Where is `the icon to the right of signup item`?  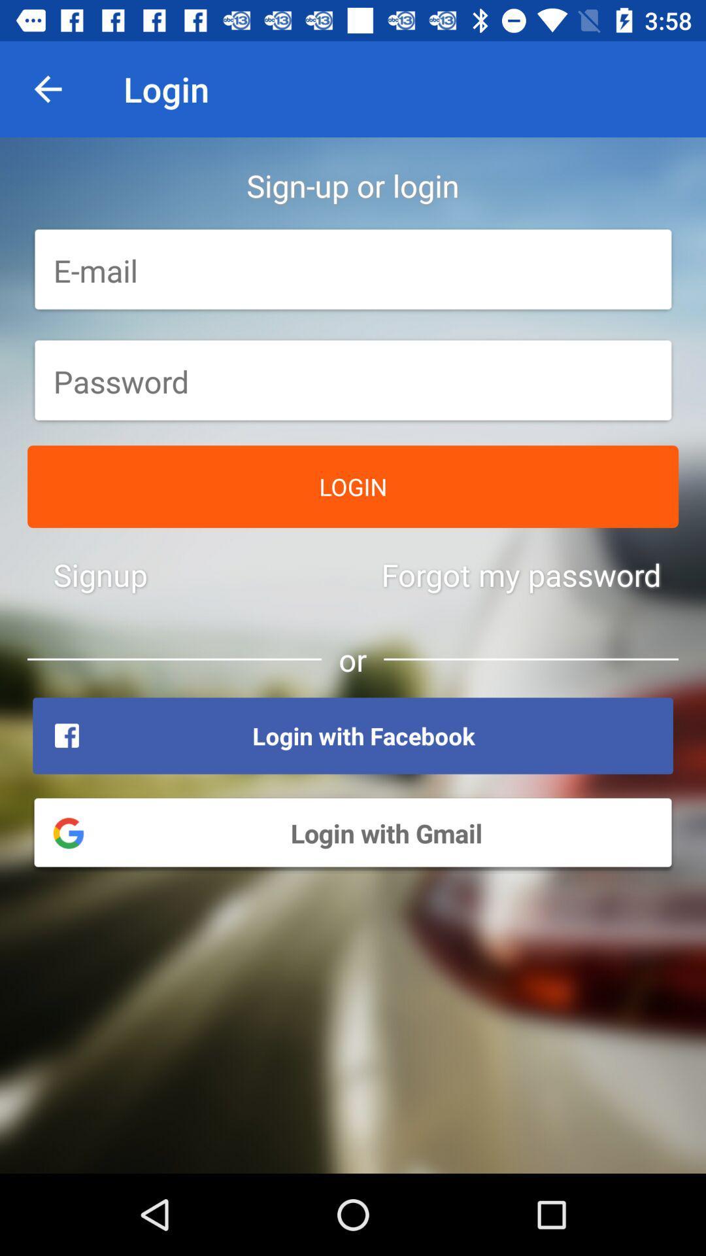
the icon to the right of signup item is located at coordinates (520, 574).